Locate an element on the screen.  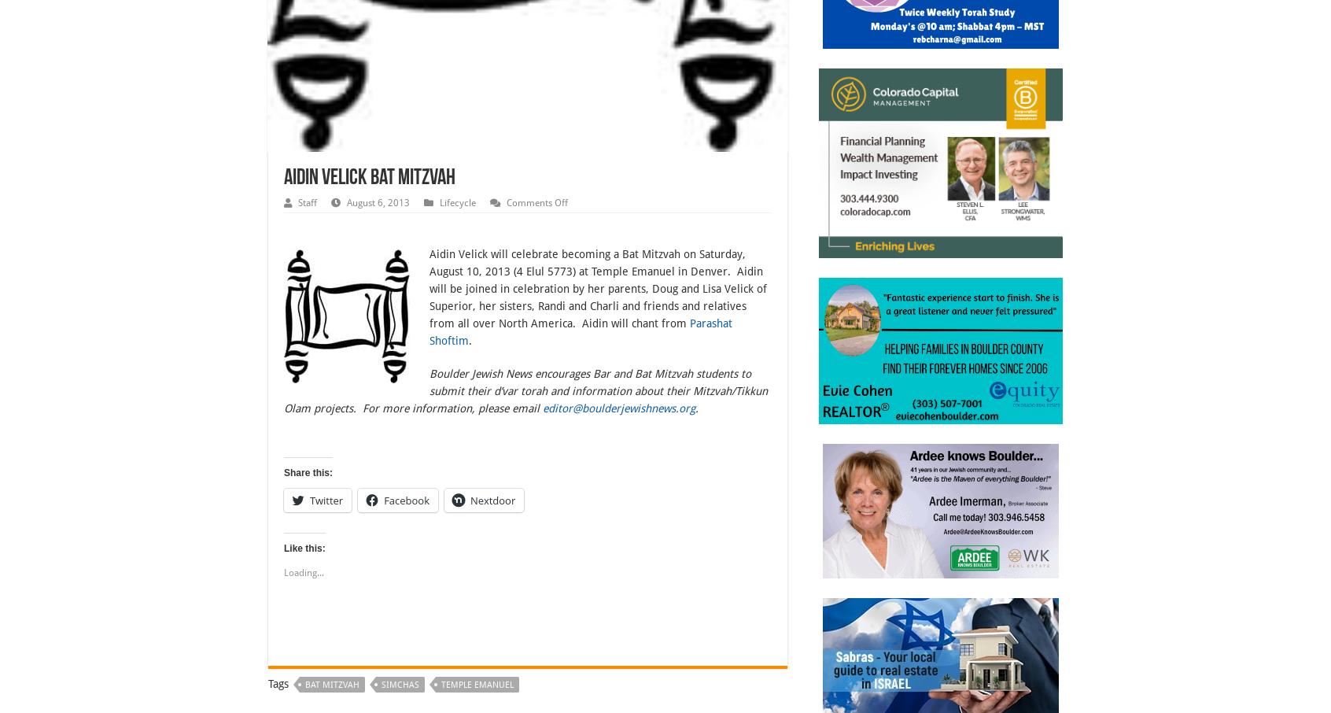
'temple emanuel' is located at coordinates (476, 685).